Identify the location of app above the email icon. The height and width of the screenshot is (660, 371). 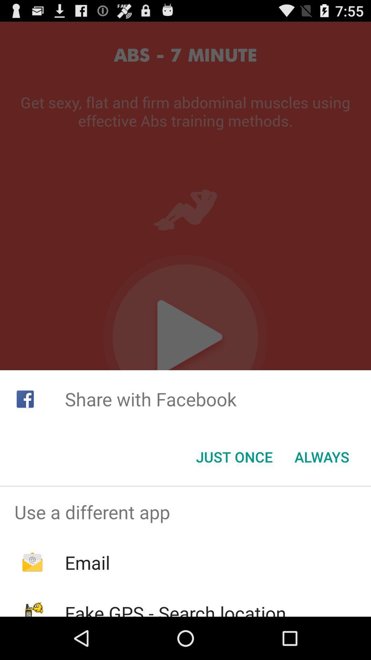
(185, 512).